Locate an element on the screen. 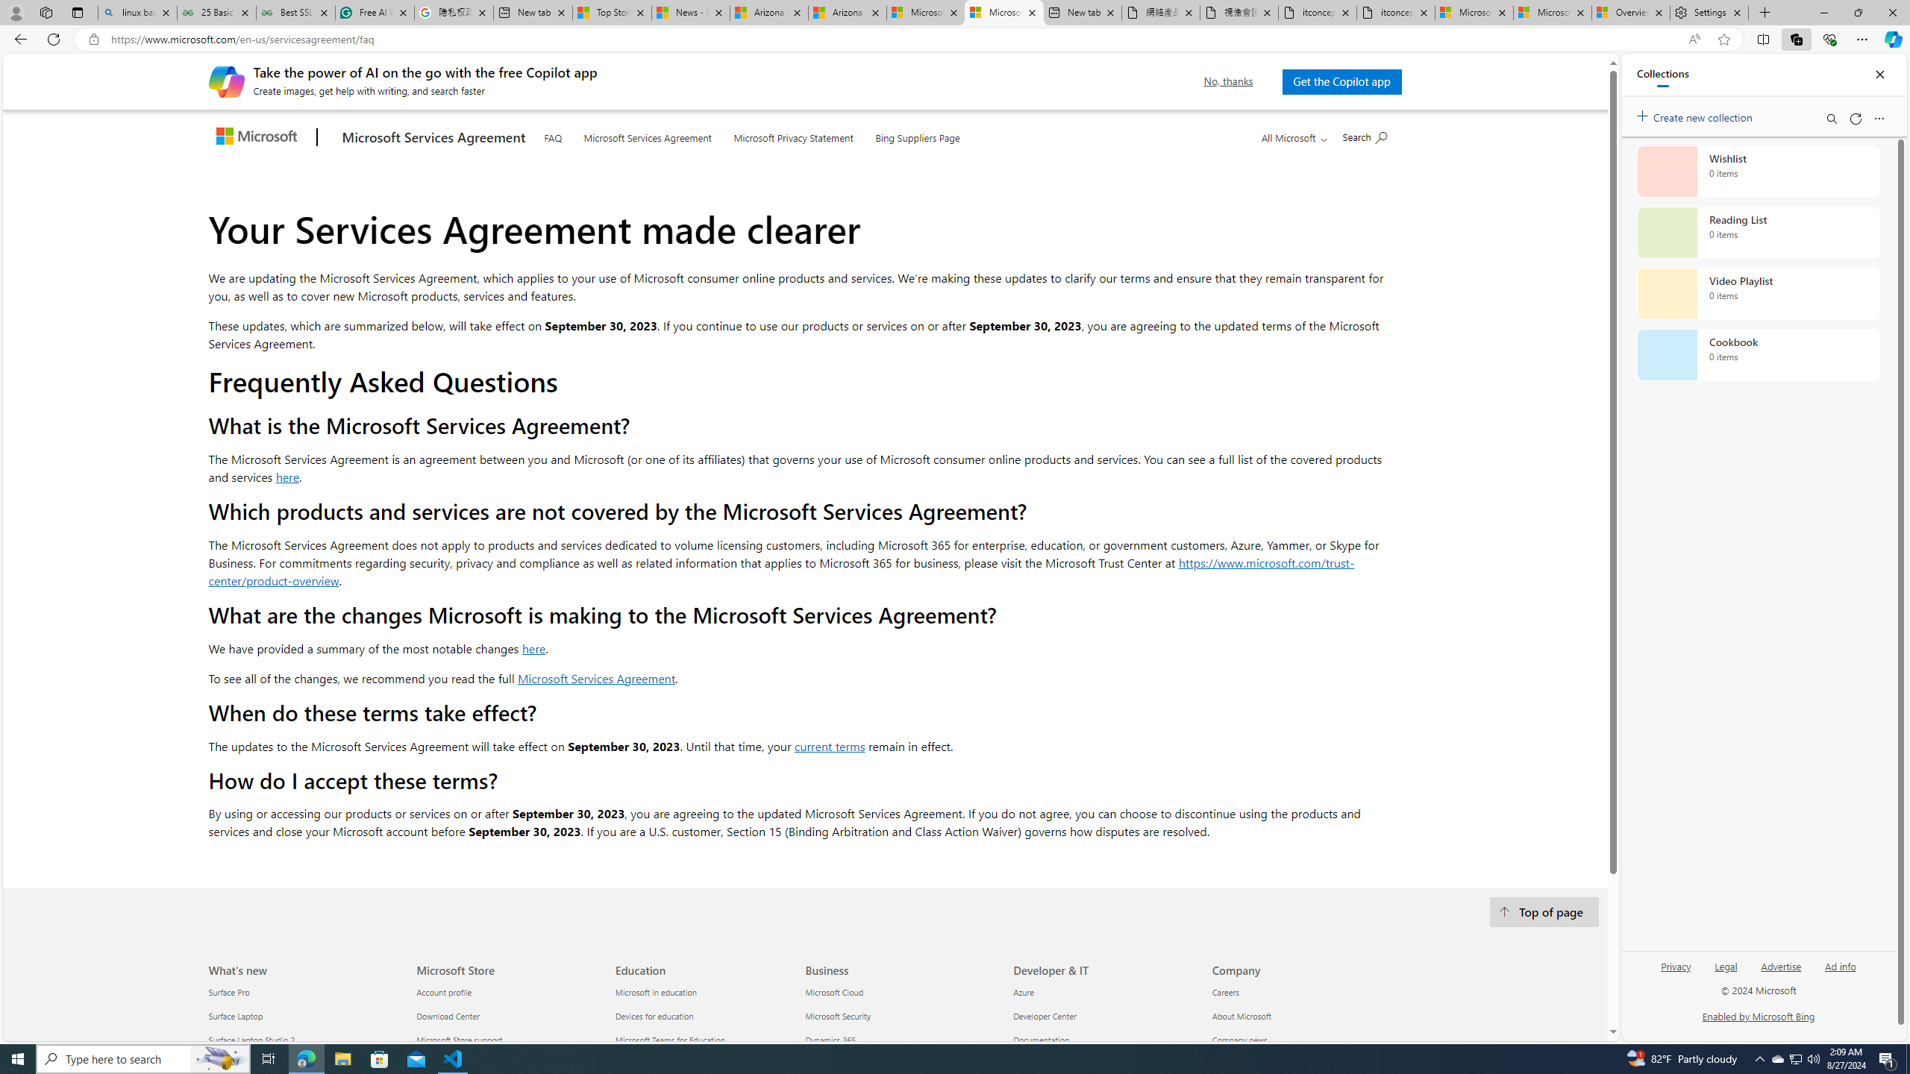  'Azure Developer & IT' is located at coordinates (1021, 992).